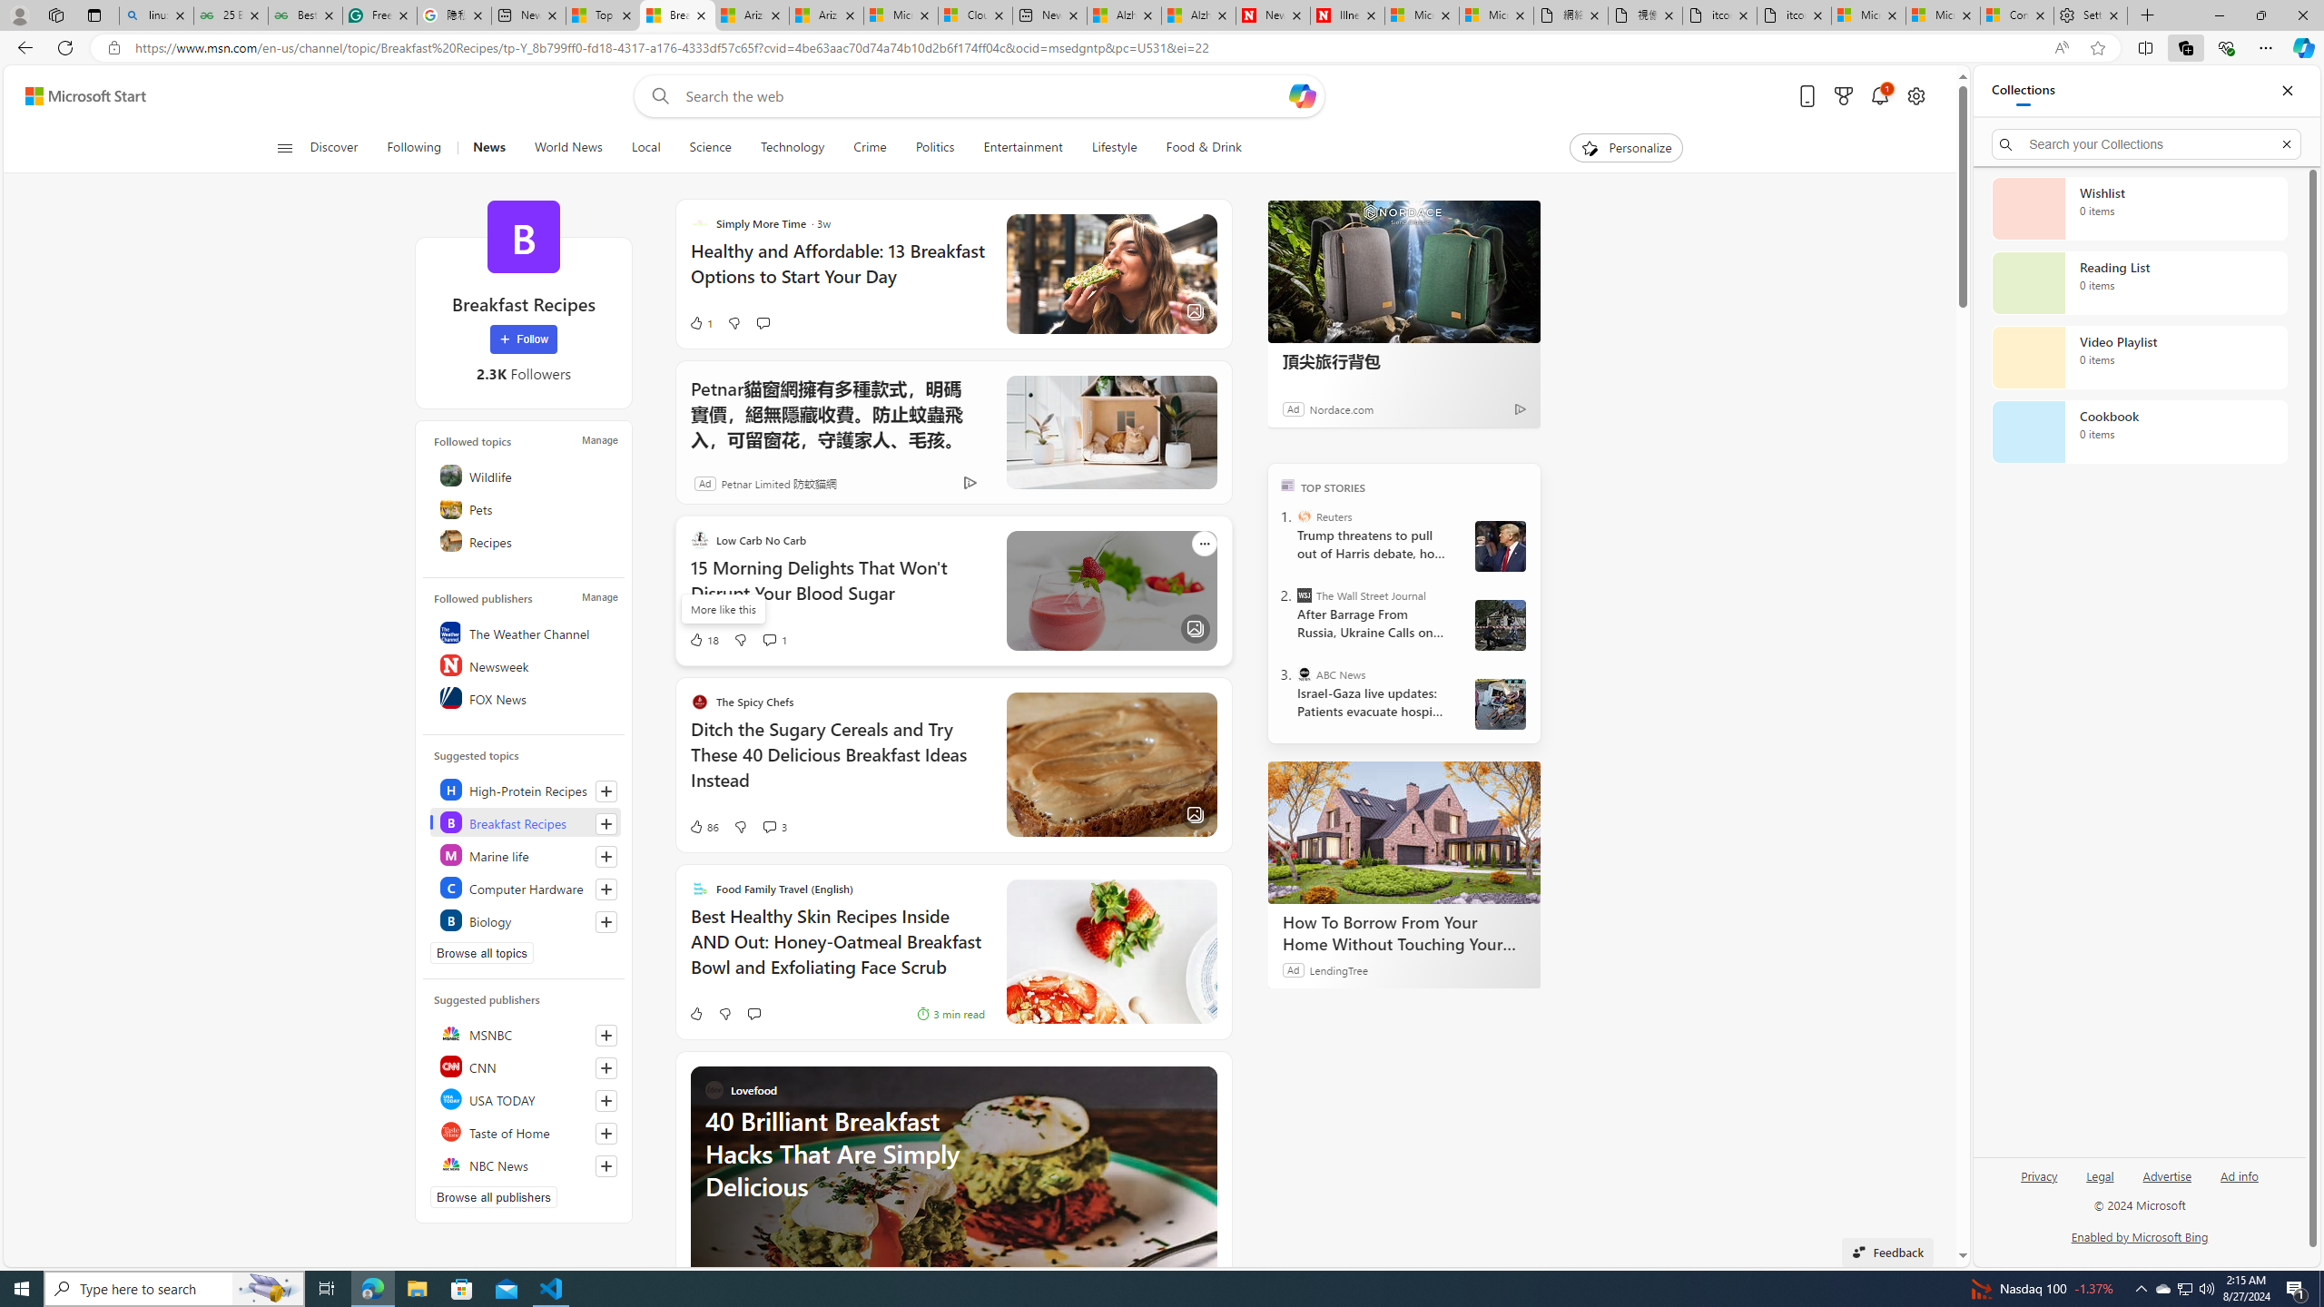 The width and height of the screenshot is (2324, 1307). What do you see at coordinates (525, 663) in the screenshot?
I see `'Newsweek'` at bounding box center [525, 663].